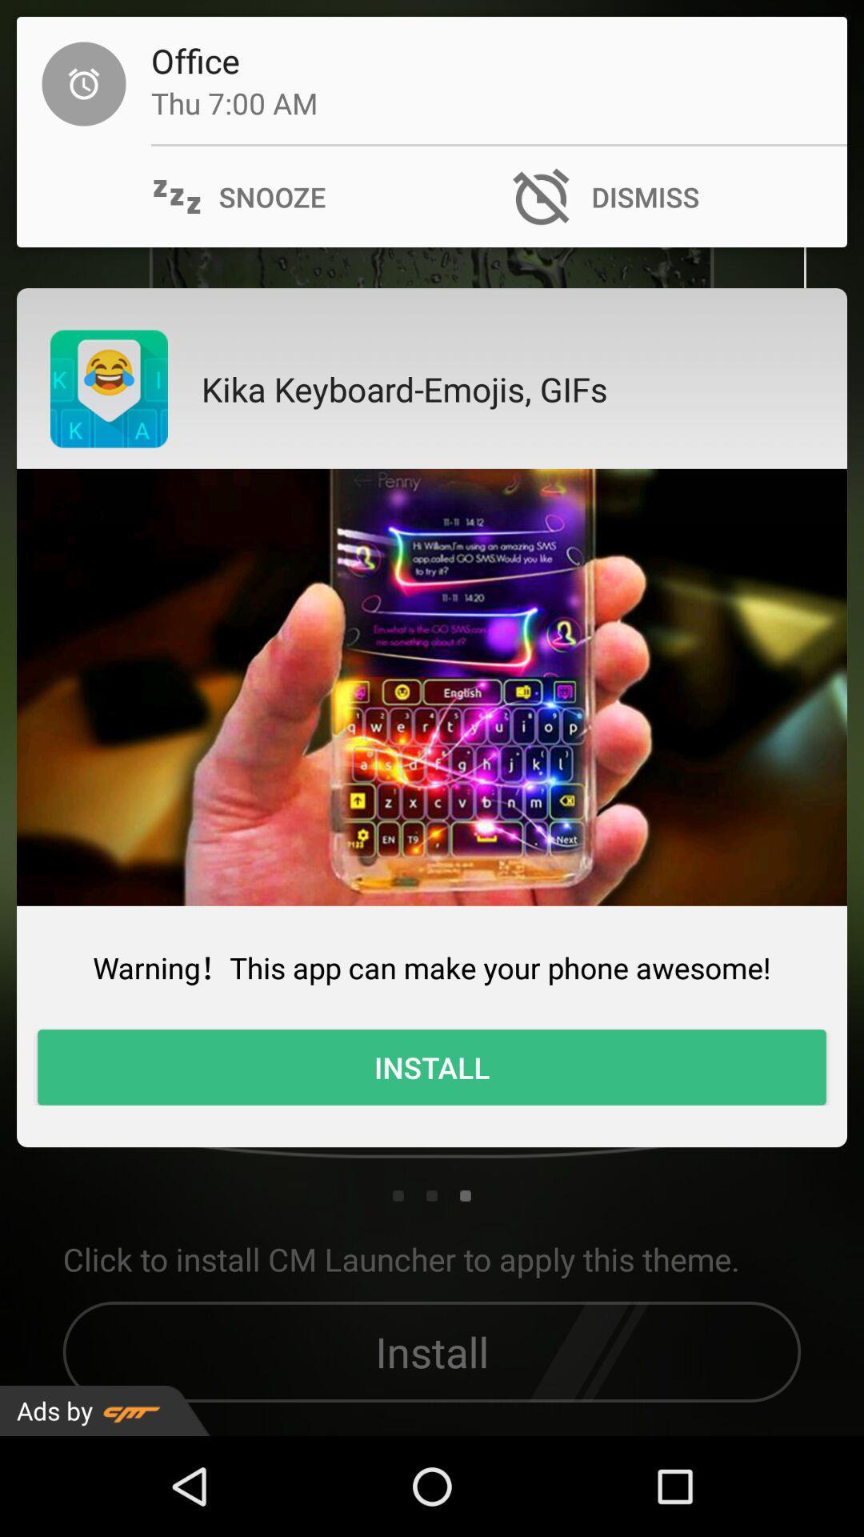  What do you see at coordinates (108, 416) in the screenshot?
I see `the emoji icon` at bounding box center [108, 416].